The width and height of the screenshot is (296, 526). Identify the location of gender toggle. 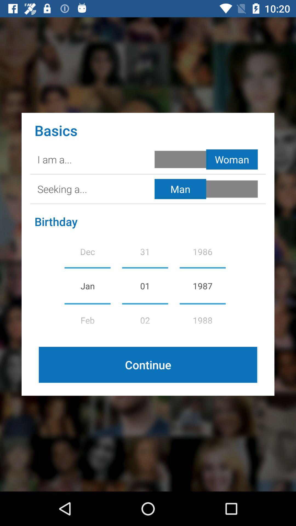
(207, 189).